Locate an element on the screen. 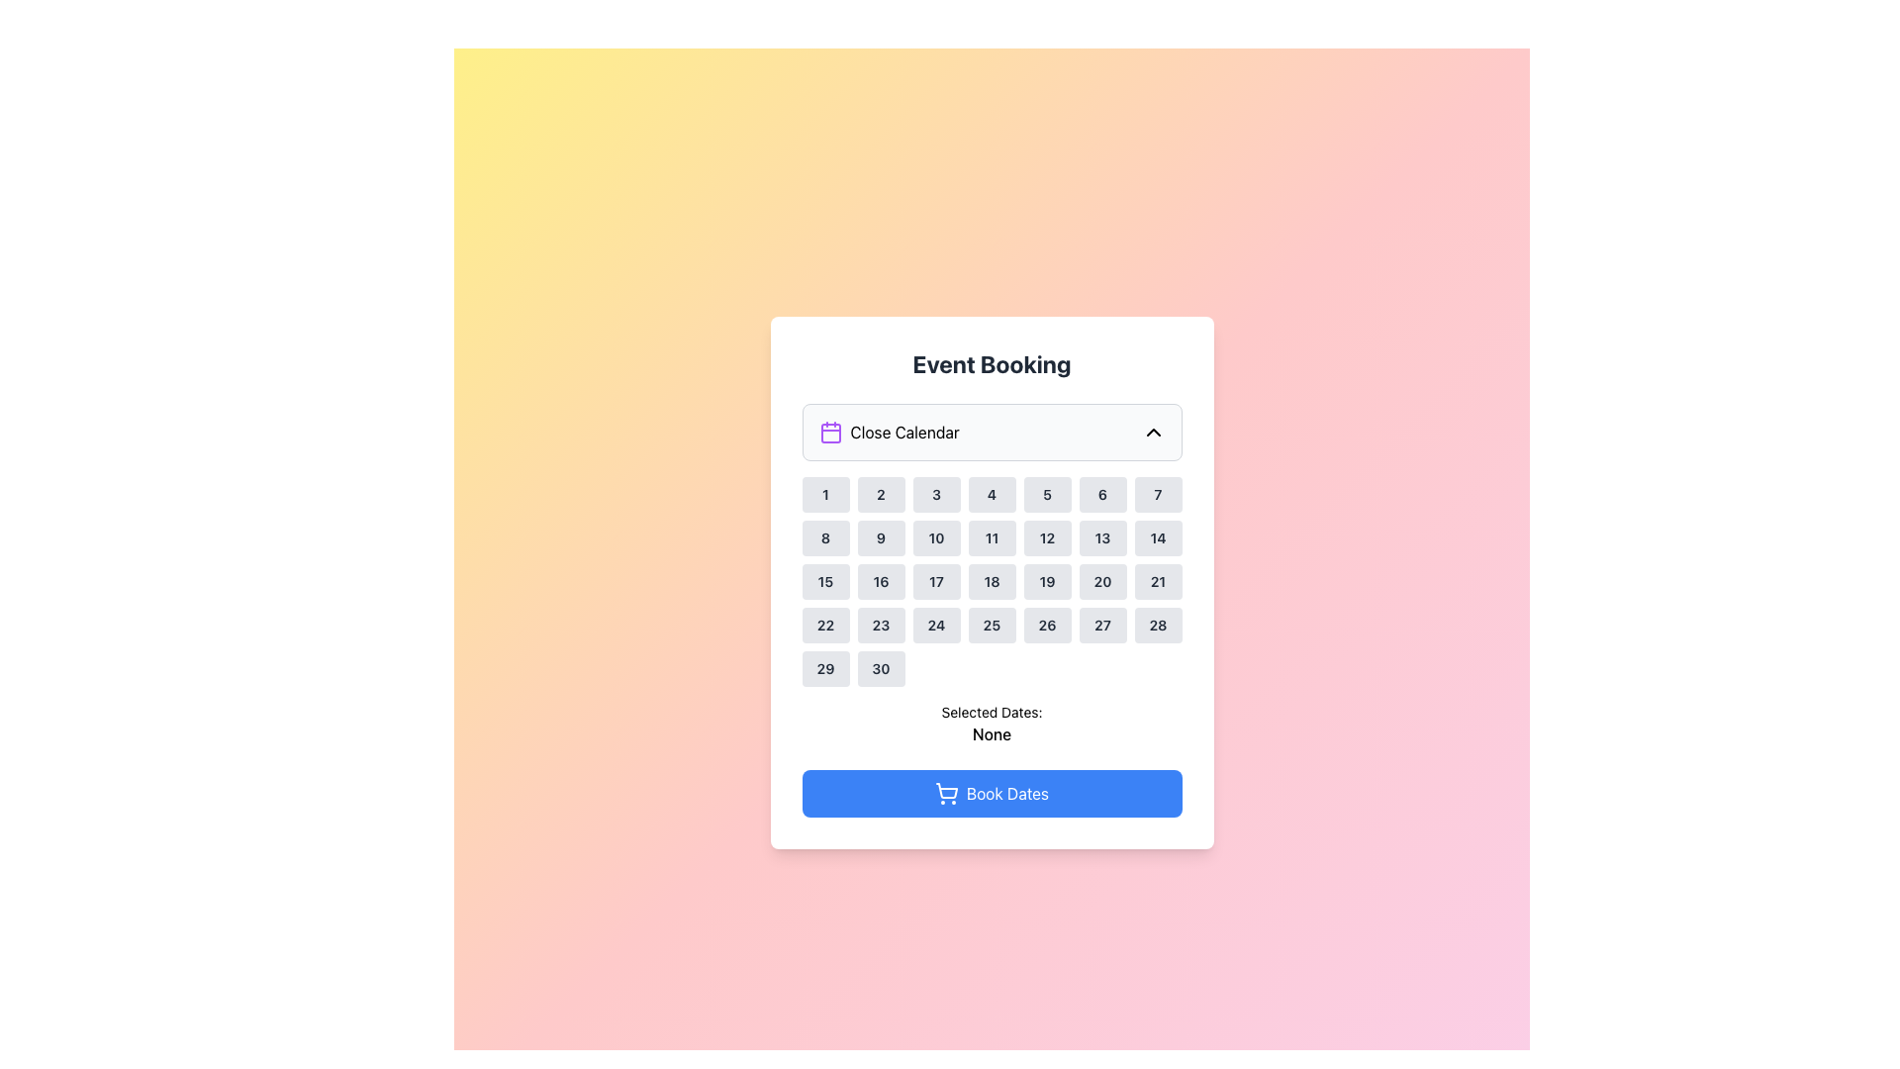 This screenshot has height=1069, width=1900. the button representing the 21st item in a 7-column grid layout, located in the rightmost column of the third row is located at coordinates (1158, 580).